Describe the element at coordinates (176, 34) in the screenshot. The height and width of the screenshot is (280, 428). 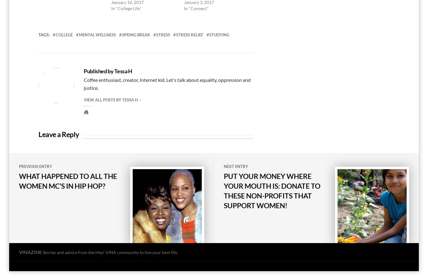
I see `'stress relief'` at that location.